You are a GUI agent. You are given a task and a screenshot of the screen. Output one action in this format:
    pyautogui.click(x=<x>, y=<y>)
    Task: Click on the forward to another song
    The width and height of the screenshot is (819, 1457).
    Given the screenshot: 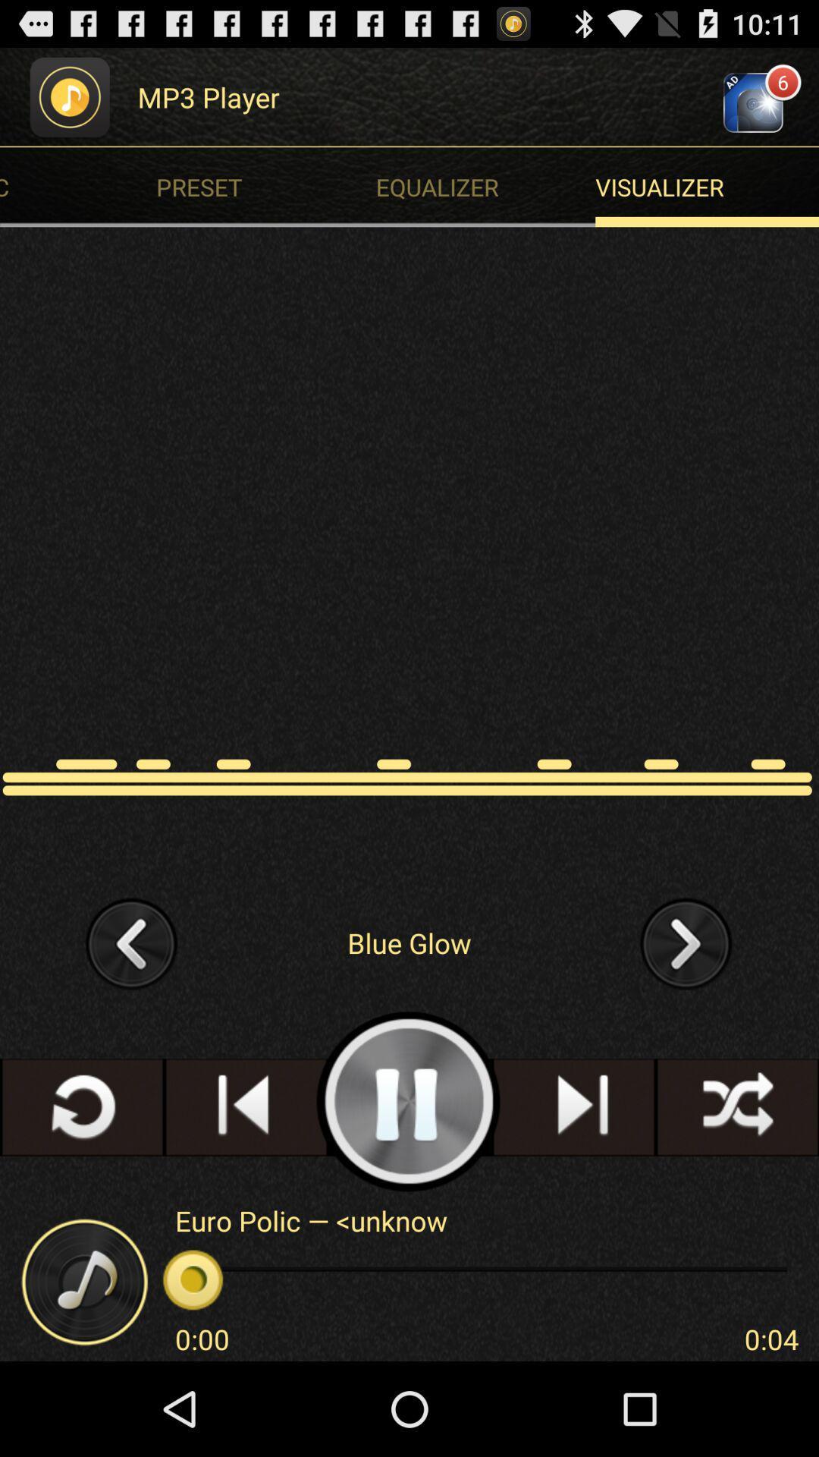 What is the action you would take?
    pyautogui.click(x=686, y=942)
    